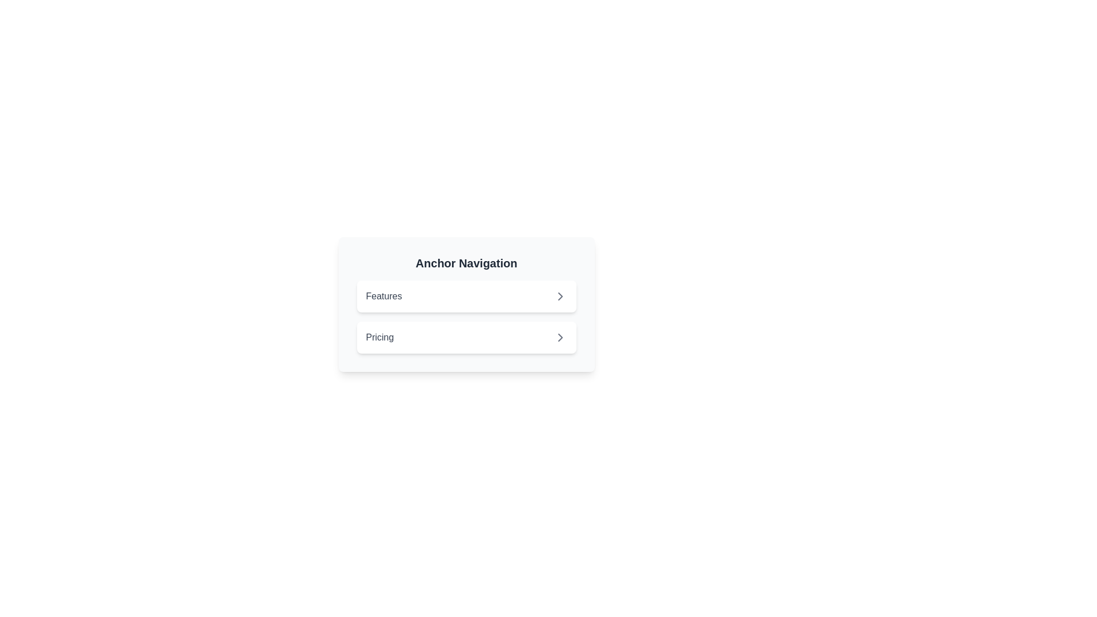  I want to click on the chevron icon located to the right of the 'Pricing' text in the Anchor Navigation component, so click(560, 336).